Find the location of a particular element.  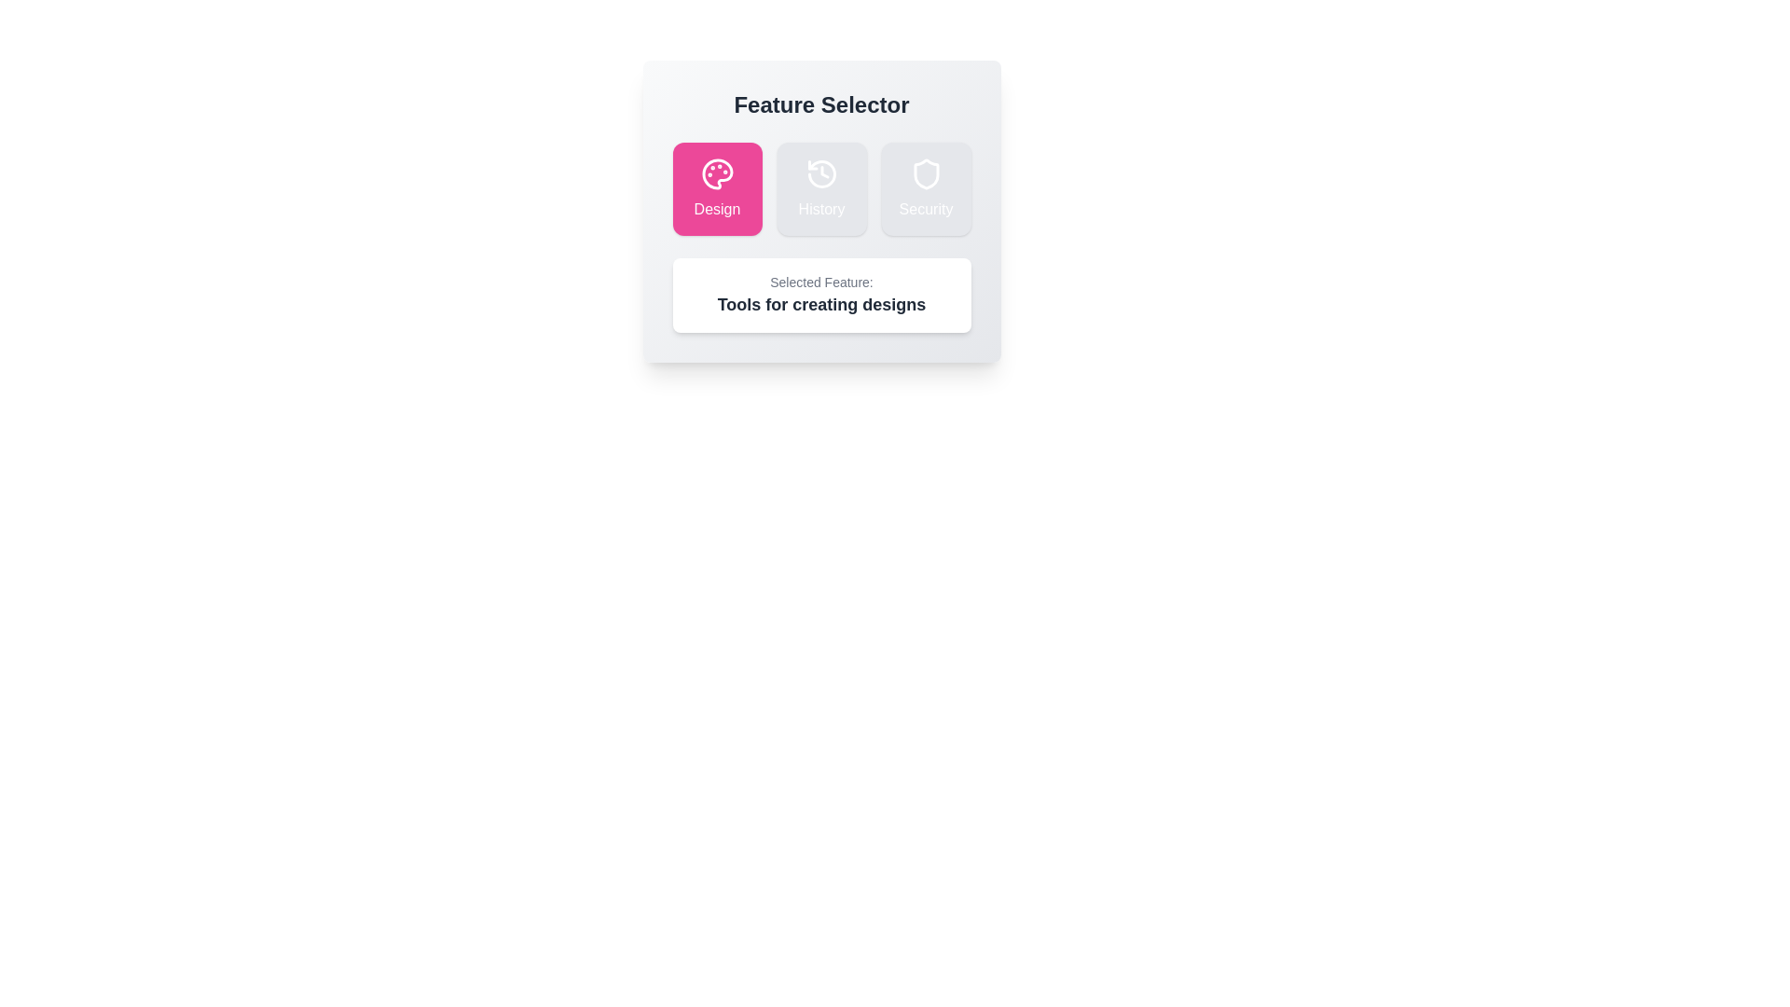

the Design button is located at coordinates (716, 189).